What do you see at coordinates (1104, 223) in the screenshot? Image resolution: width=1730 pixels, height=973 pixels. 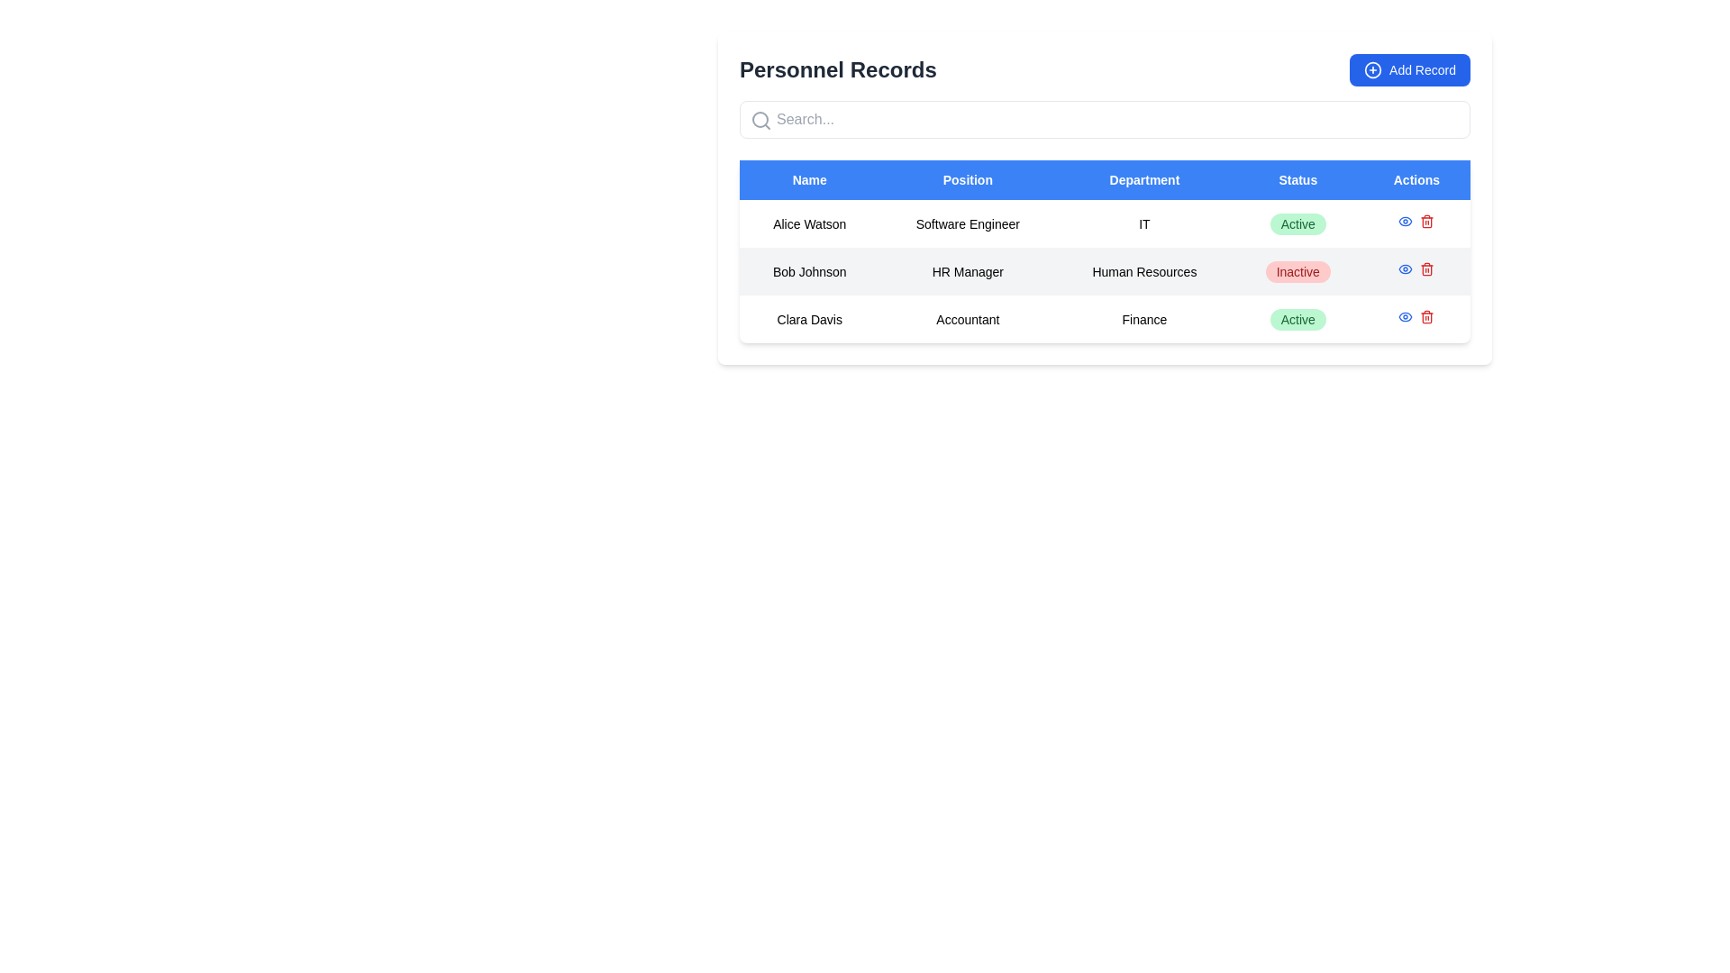 I see `the first row of the 'Personnel Records' table which contains information about 'Alice Watson', including her position, department, and status, by clicking on it` at bounding box center [1104, 223].